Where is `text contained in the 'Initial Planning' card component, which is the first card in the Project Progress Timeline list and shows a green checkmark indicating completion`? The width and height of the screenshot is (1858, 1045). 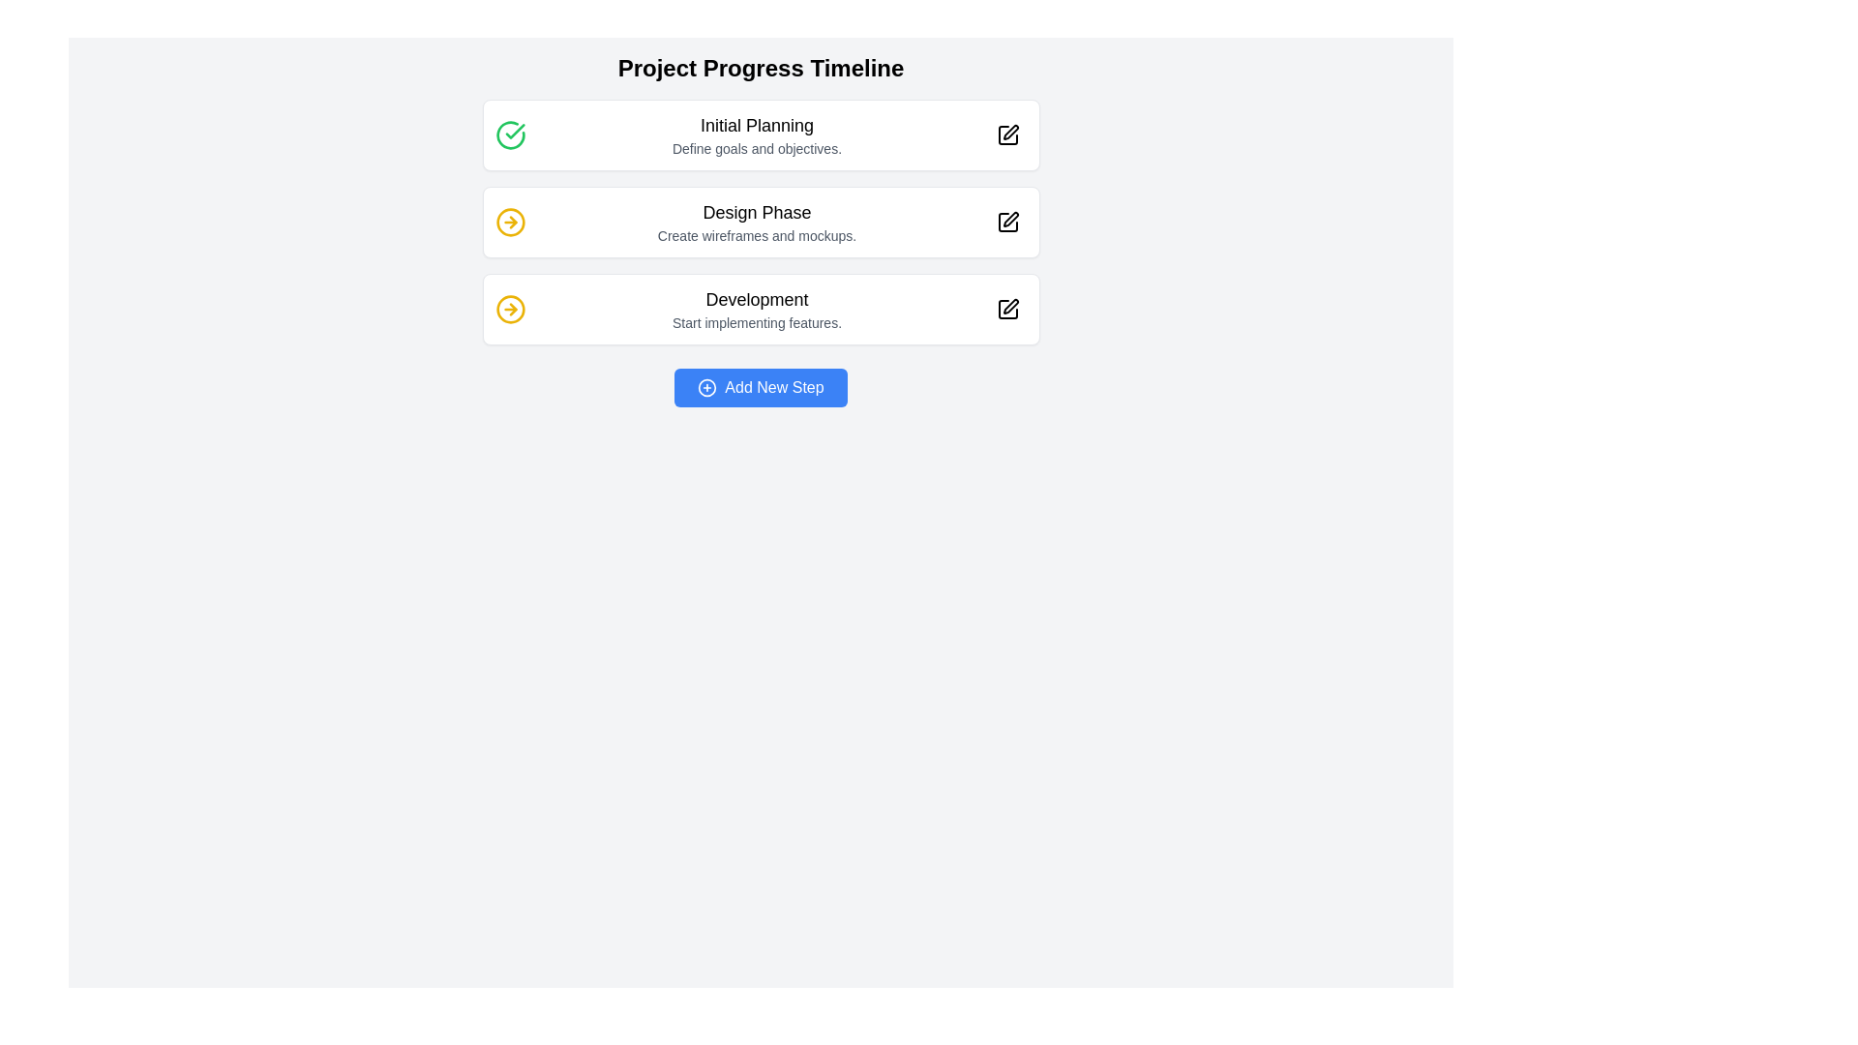
text contained in the 'Initial Planning' card component, which is the first card in the Project Progress Timeline list and shows a green checkmark indicating completion is located at coordinates (760, 134).